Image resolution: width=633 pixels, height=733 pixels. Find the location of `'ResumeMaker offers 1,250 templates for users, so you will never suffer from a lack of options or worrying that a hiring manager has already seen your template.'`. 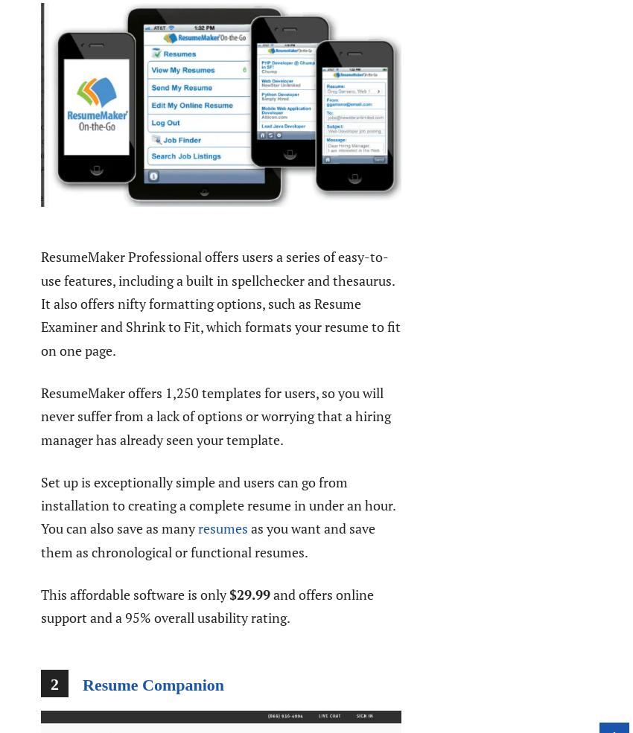

'ResumeMaker offers 1,250 templates for users, so you will never suffer from a lack of options or worrying that a hiring manager has already seen your template.' is located at coordinates (40, 415).